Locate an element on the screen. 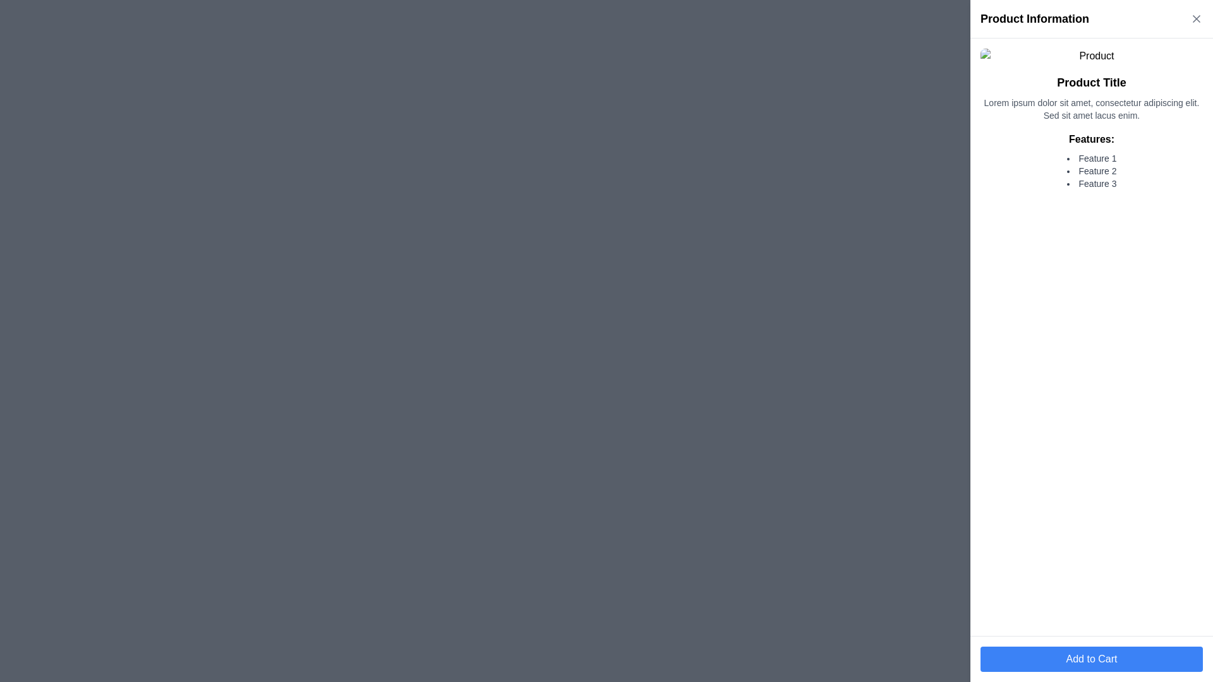 The image size is (1213, 682). the 'Add to Cart' button located at the bottom of the interface is located at coordinates (1091, 659).